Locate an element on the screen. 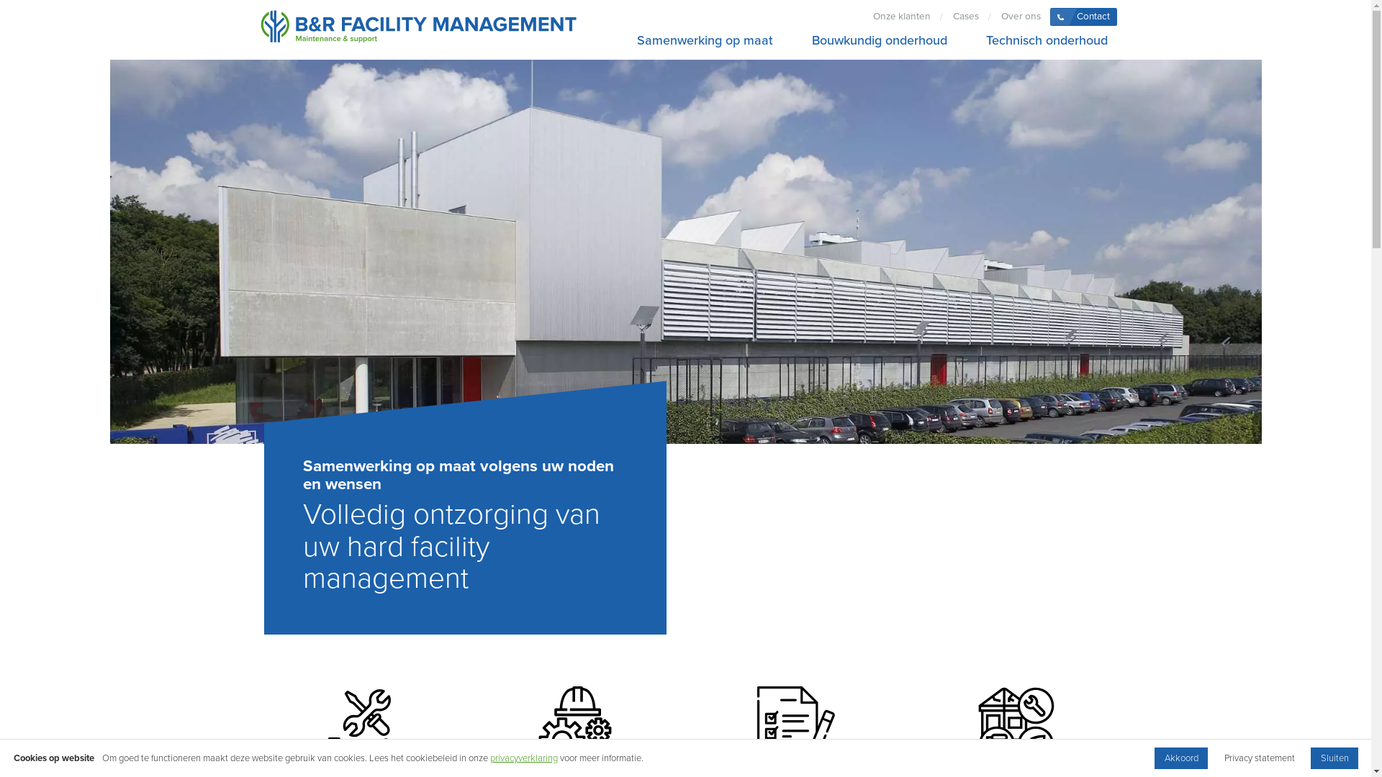 The height and width of the screenshot is (777, 1382). 'Over ons' is located at coordinates (1019, 17).